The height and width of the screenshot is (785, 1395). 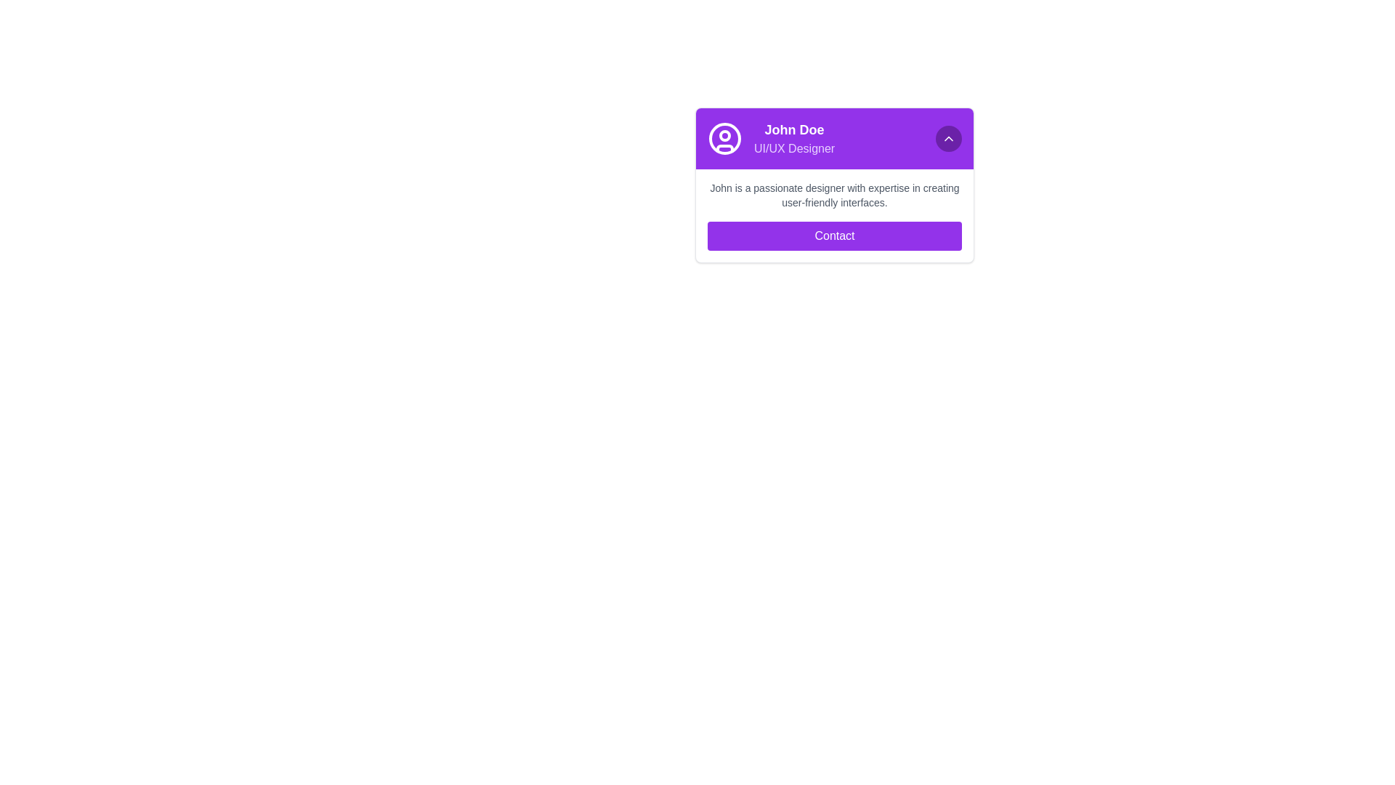 I want to click on the purple circular graphical decoration with a white outline, located in the top left corner of the user profile card, so click(x=725, y=139).